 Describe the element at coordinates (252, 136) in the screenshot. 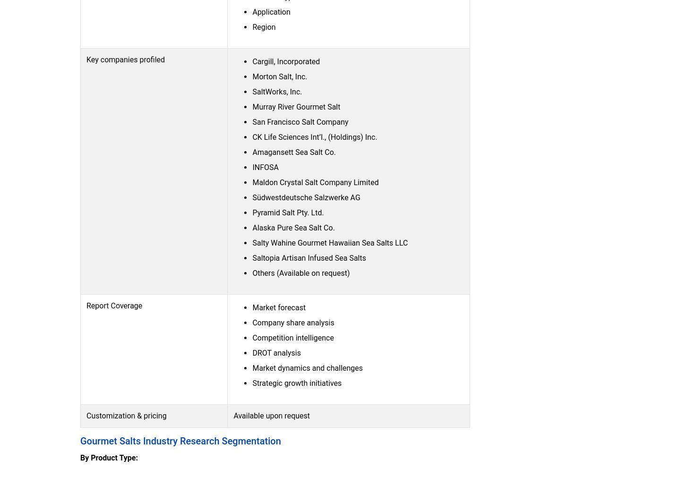

I see `'CK Life Sciences Int’l., (Holdings) Inc.'` at that location.